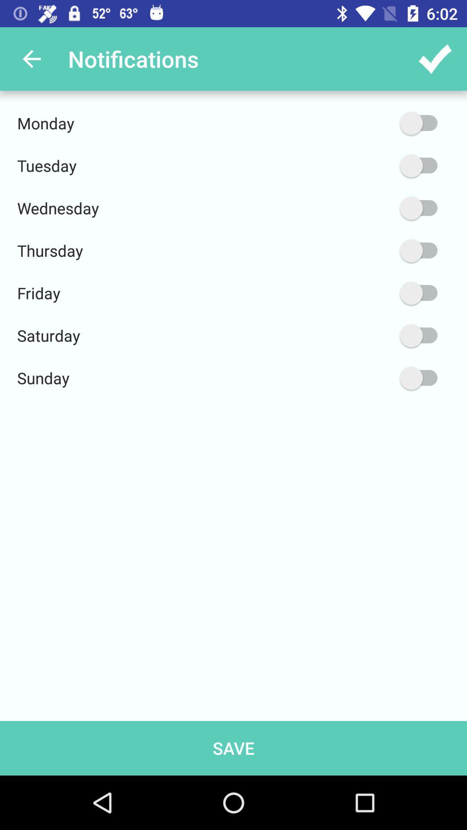 The height and width of the screenshot is (830, 467). I want to click on activate saturday, so click(377, 335).